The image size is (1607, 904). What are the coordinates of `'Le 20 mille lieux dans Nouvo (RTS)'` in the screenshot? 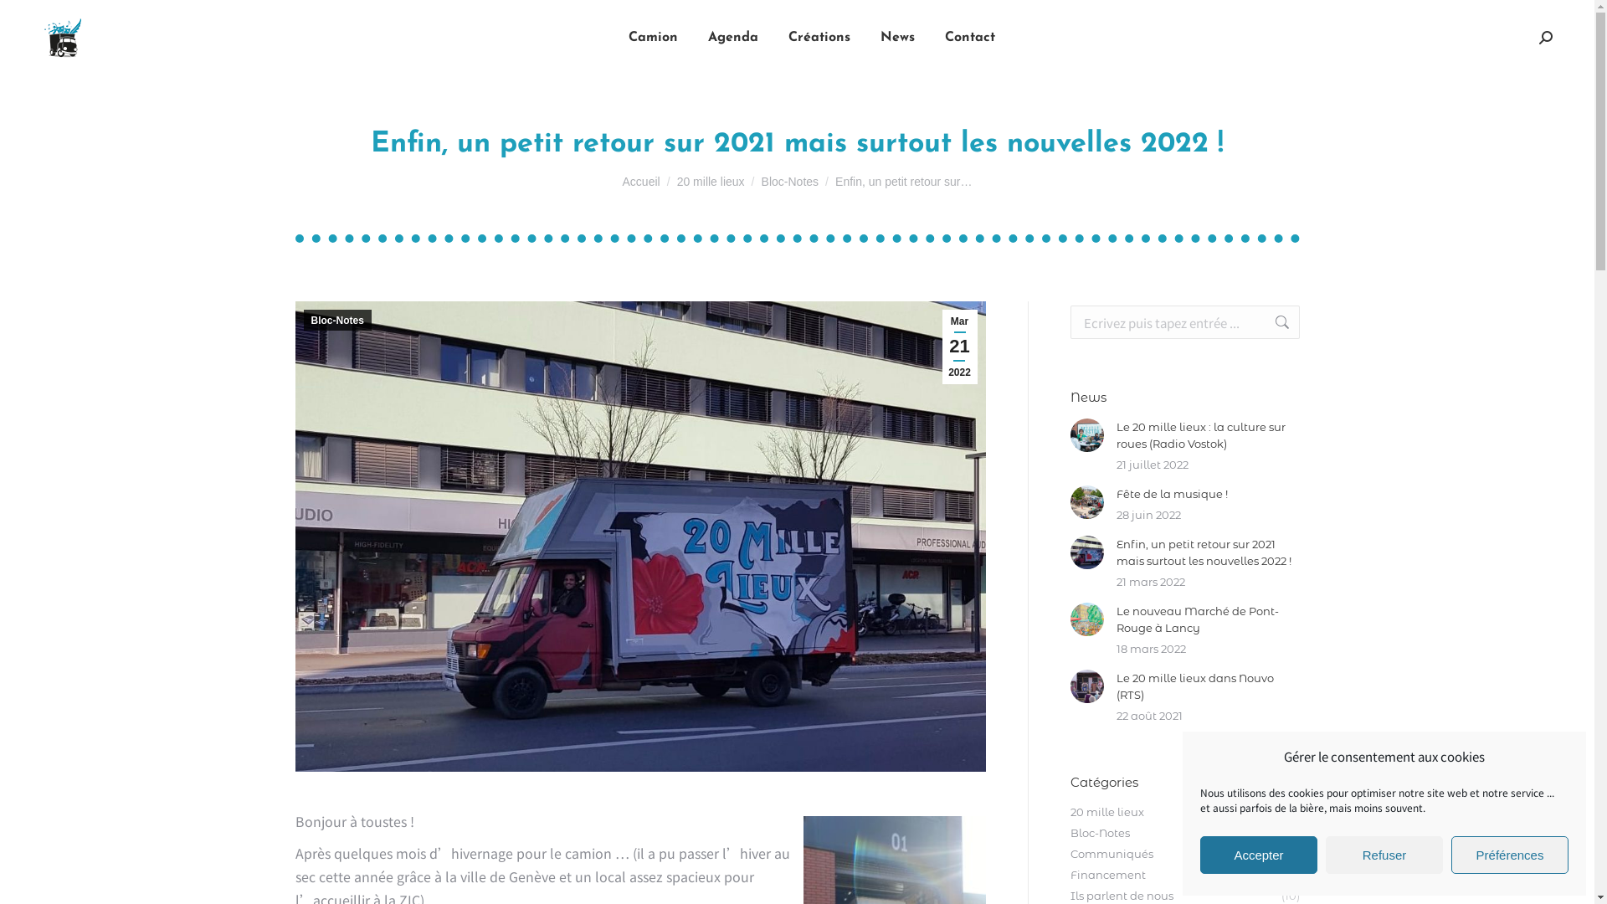 It's located at (1208, 686).